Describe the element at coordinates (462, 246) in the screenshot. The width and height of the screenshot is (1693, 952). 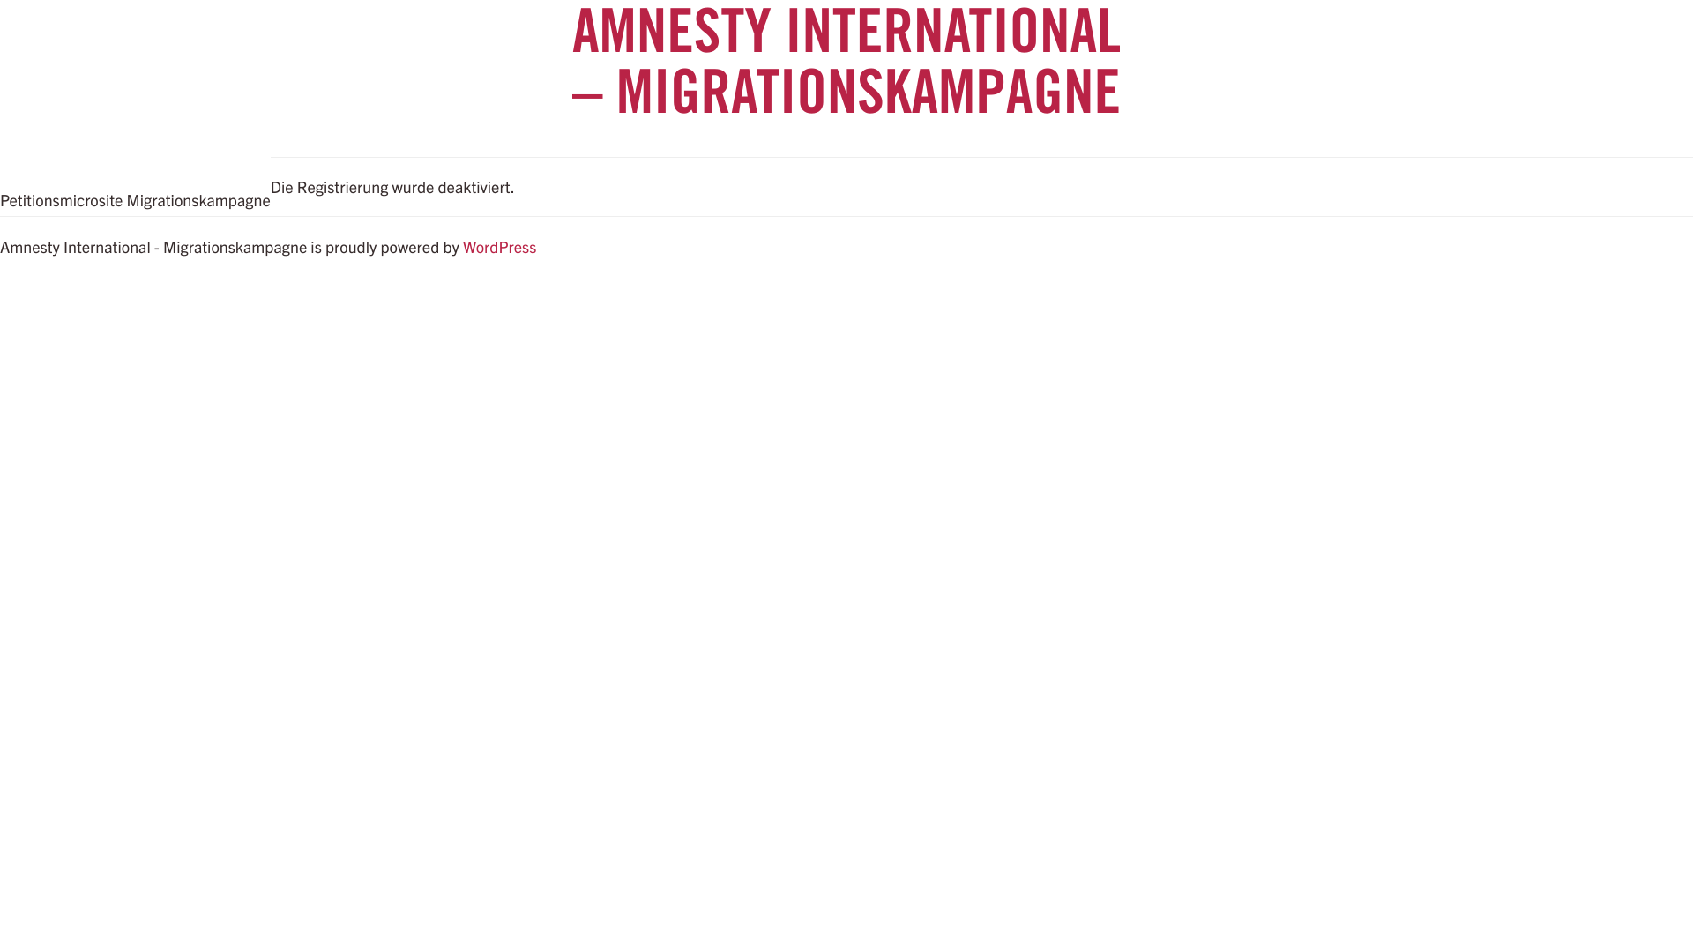
I see `'WordPress'` at that location.